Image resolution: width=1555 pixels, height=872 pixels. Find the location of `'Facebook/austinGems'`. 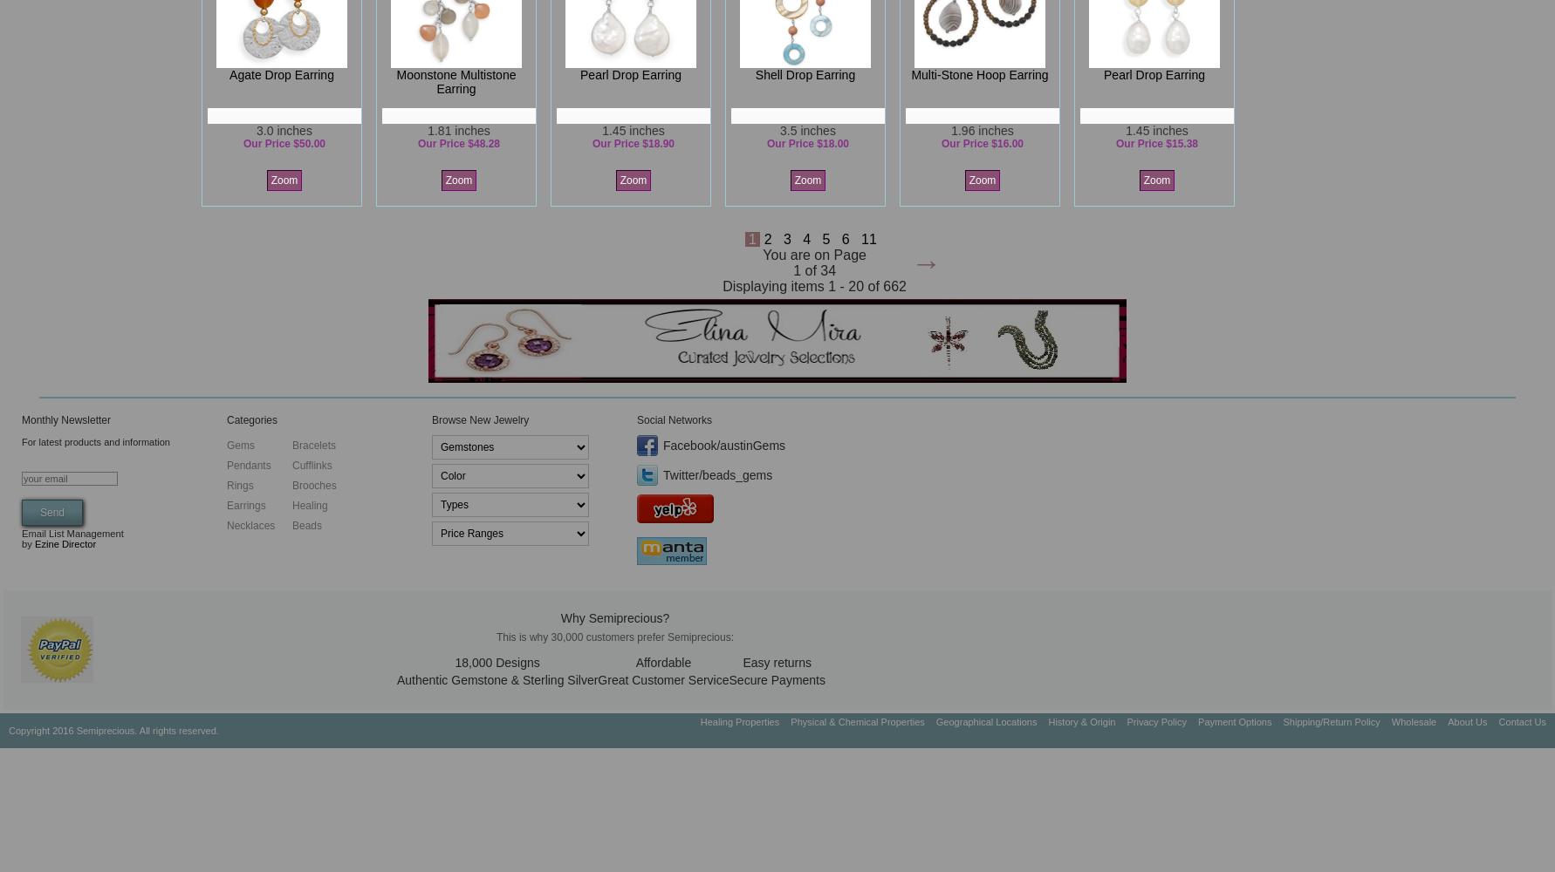

'Facebook/austinGems' is located at coordinates (723, 446).